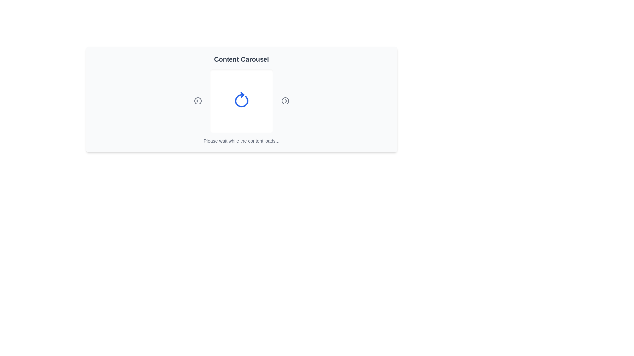 Image resolution: width=634 pixels, height=356 pixels. I want to click on the Circular Spinner Icon, which is a blue outlined circular icon with a clockwise arrow, located centrally under the 'Content Carousel' title, so click(241, 101).